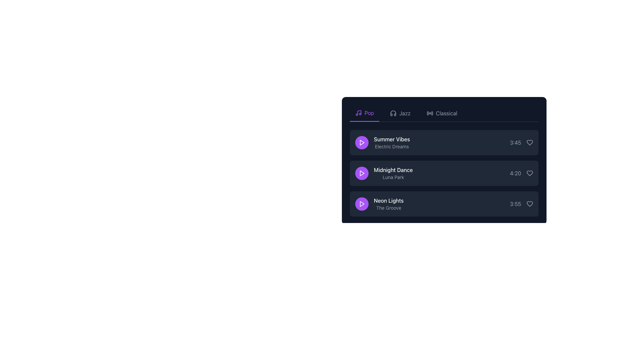  I want to click on the static text label displaying additional information about the music track 'Summer Vibes', located below the track title in the music track list, so click(392, 146).